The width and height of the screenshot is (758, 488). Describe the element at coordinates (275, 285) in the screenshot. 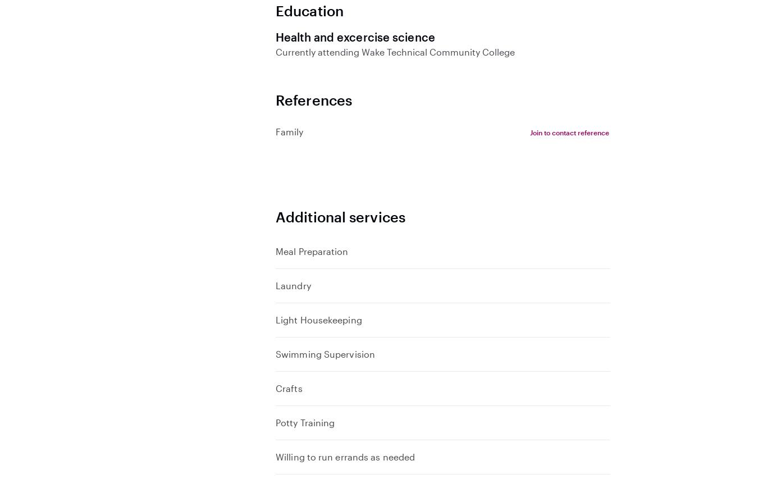

I see `'Laundry'` at that location.